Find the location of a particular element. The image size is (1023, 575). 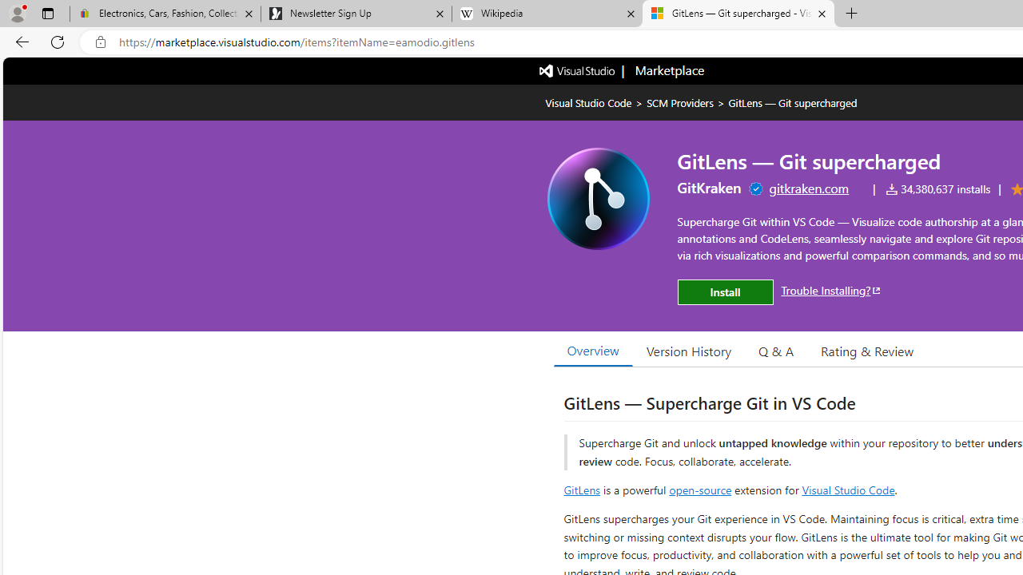

'gitkraken.com' is located at coordinates (809, 187).